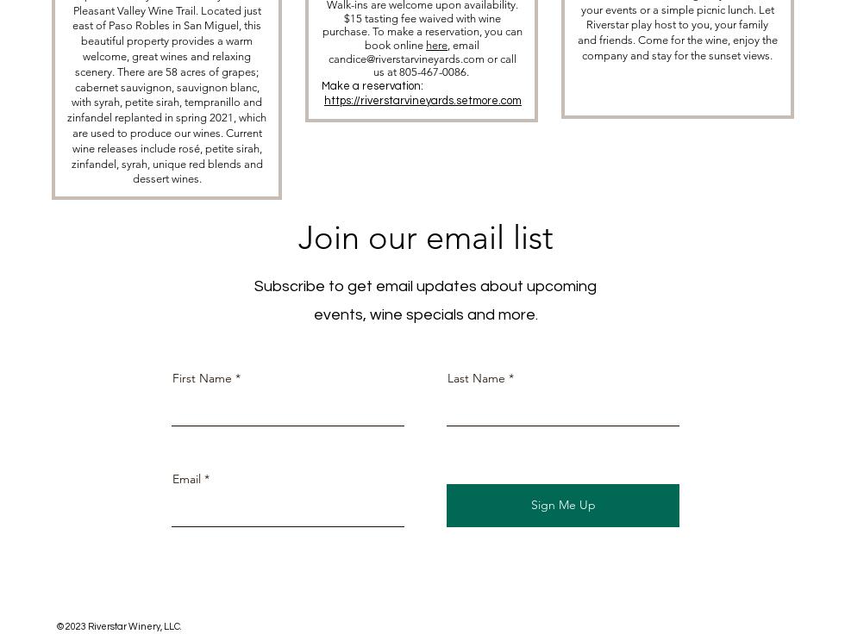 The image size is (845, 634). What do you see at coordinates (425, 300) in the screenshot?
I see `'Subscribe to get email updates about upcoming events, wine specials and more.'` at bounding box center [425, 300].